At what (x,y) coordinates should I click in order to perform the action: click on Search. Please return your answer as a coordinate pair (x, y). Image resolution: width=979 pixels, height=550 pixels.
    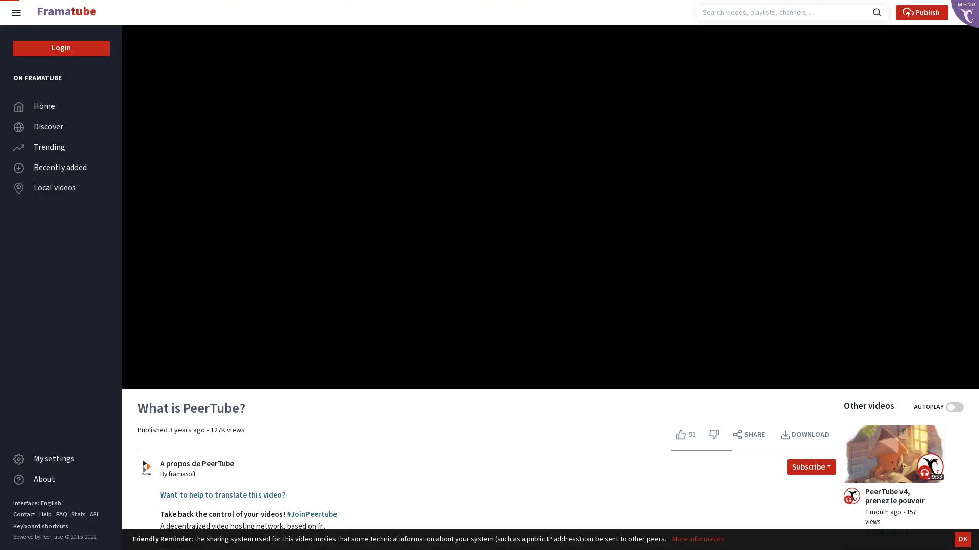
    Looking at the image, I should click on (876, 11).